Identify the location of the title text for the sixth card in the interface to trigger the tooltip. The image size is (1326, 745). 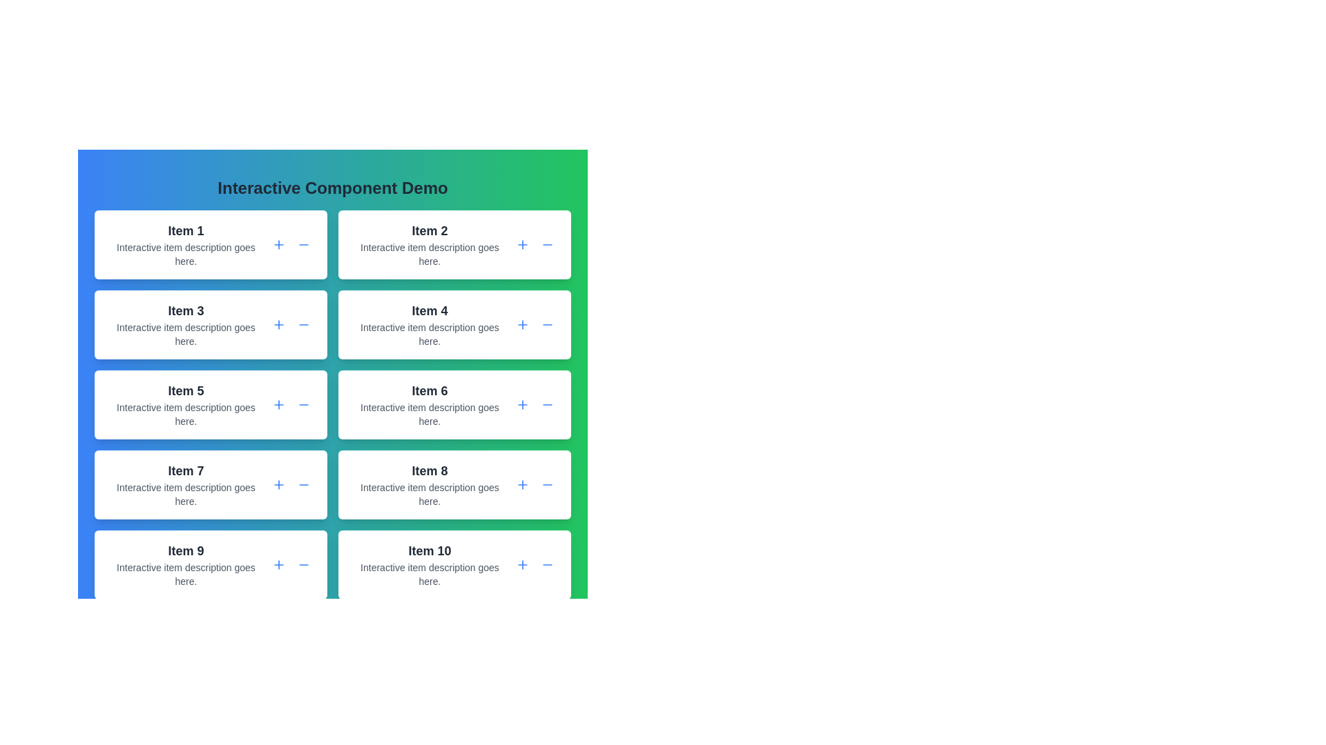
(429, 391).